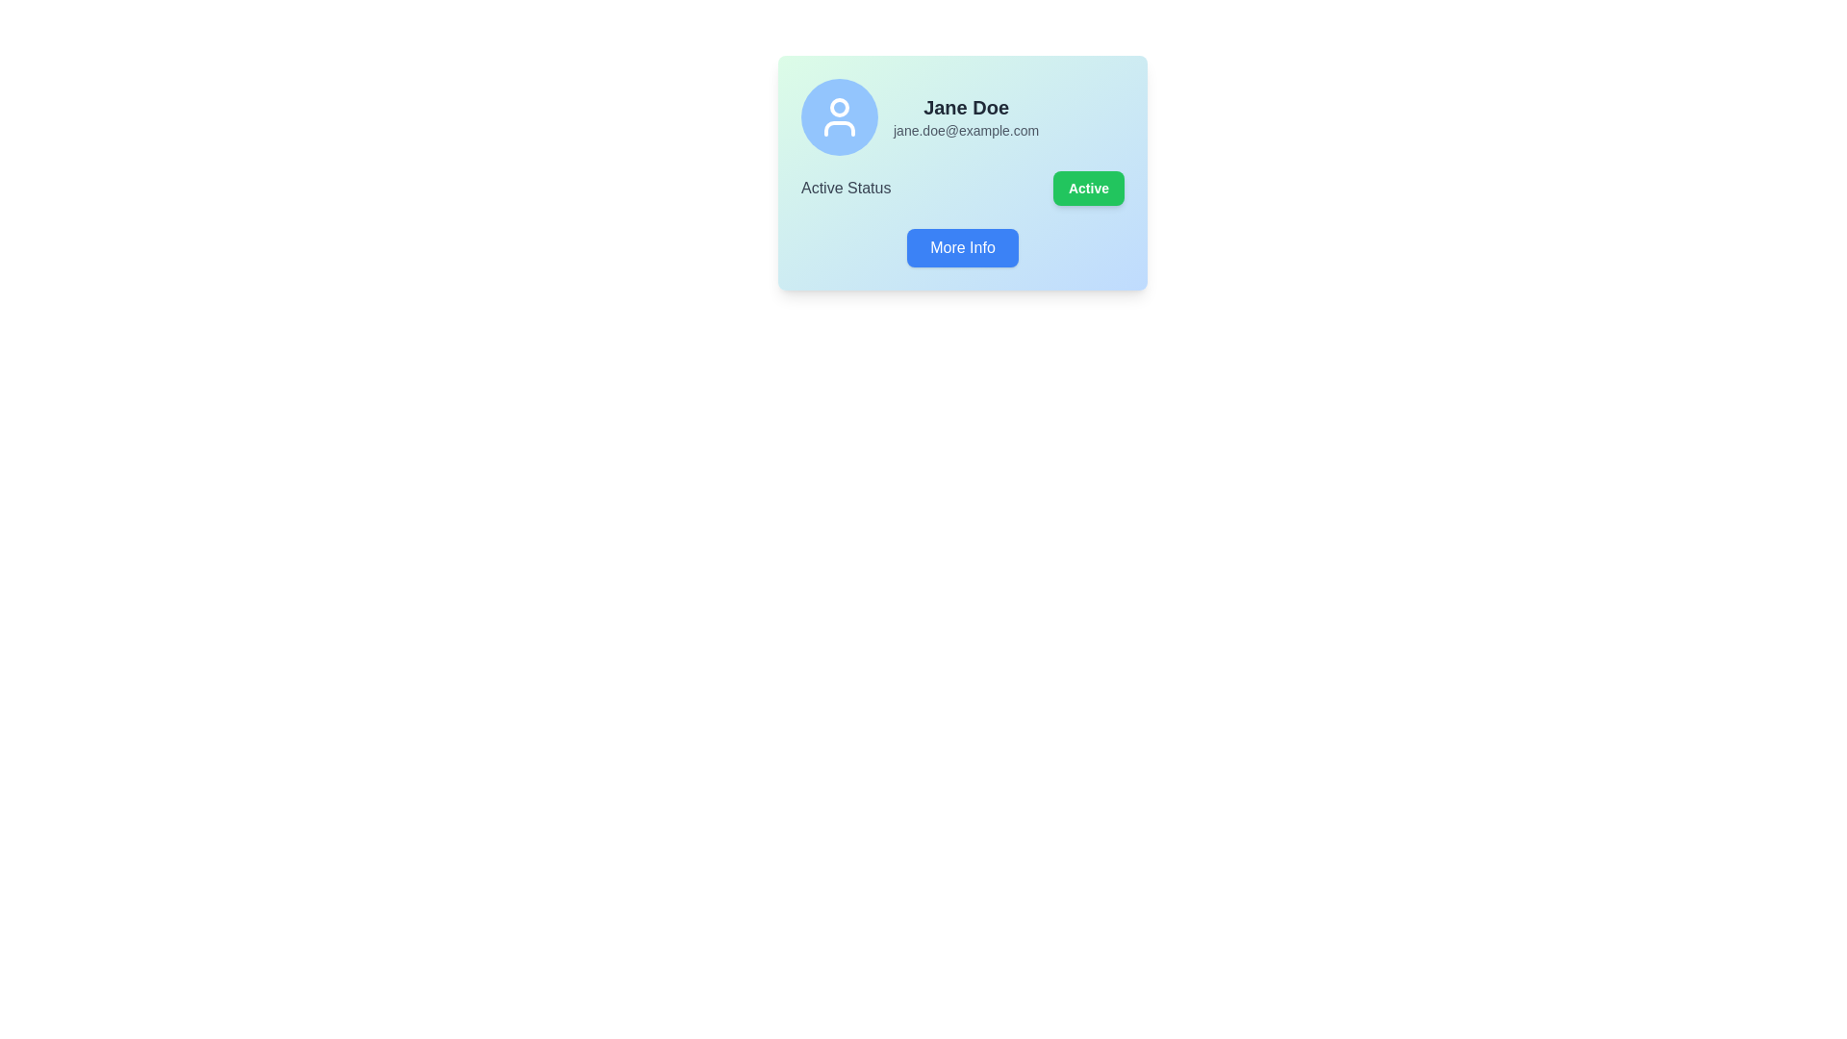  What do you see at coordinates (840, 107) in the screenshot?
I see `the circular graphic shape within the user icon design that depicts a user profile image` at bounding box center [840, 107].